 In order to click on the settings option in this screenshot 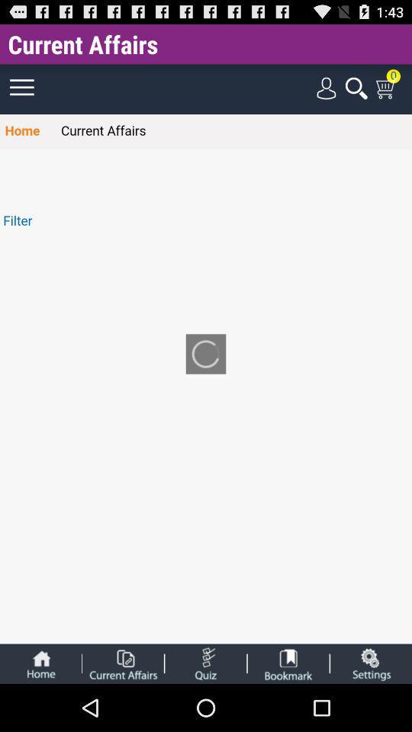, I will do `click(370, 663)`.